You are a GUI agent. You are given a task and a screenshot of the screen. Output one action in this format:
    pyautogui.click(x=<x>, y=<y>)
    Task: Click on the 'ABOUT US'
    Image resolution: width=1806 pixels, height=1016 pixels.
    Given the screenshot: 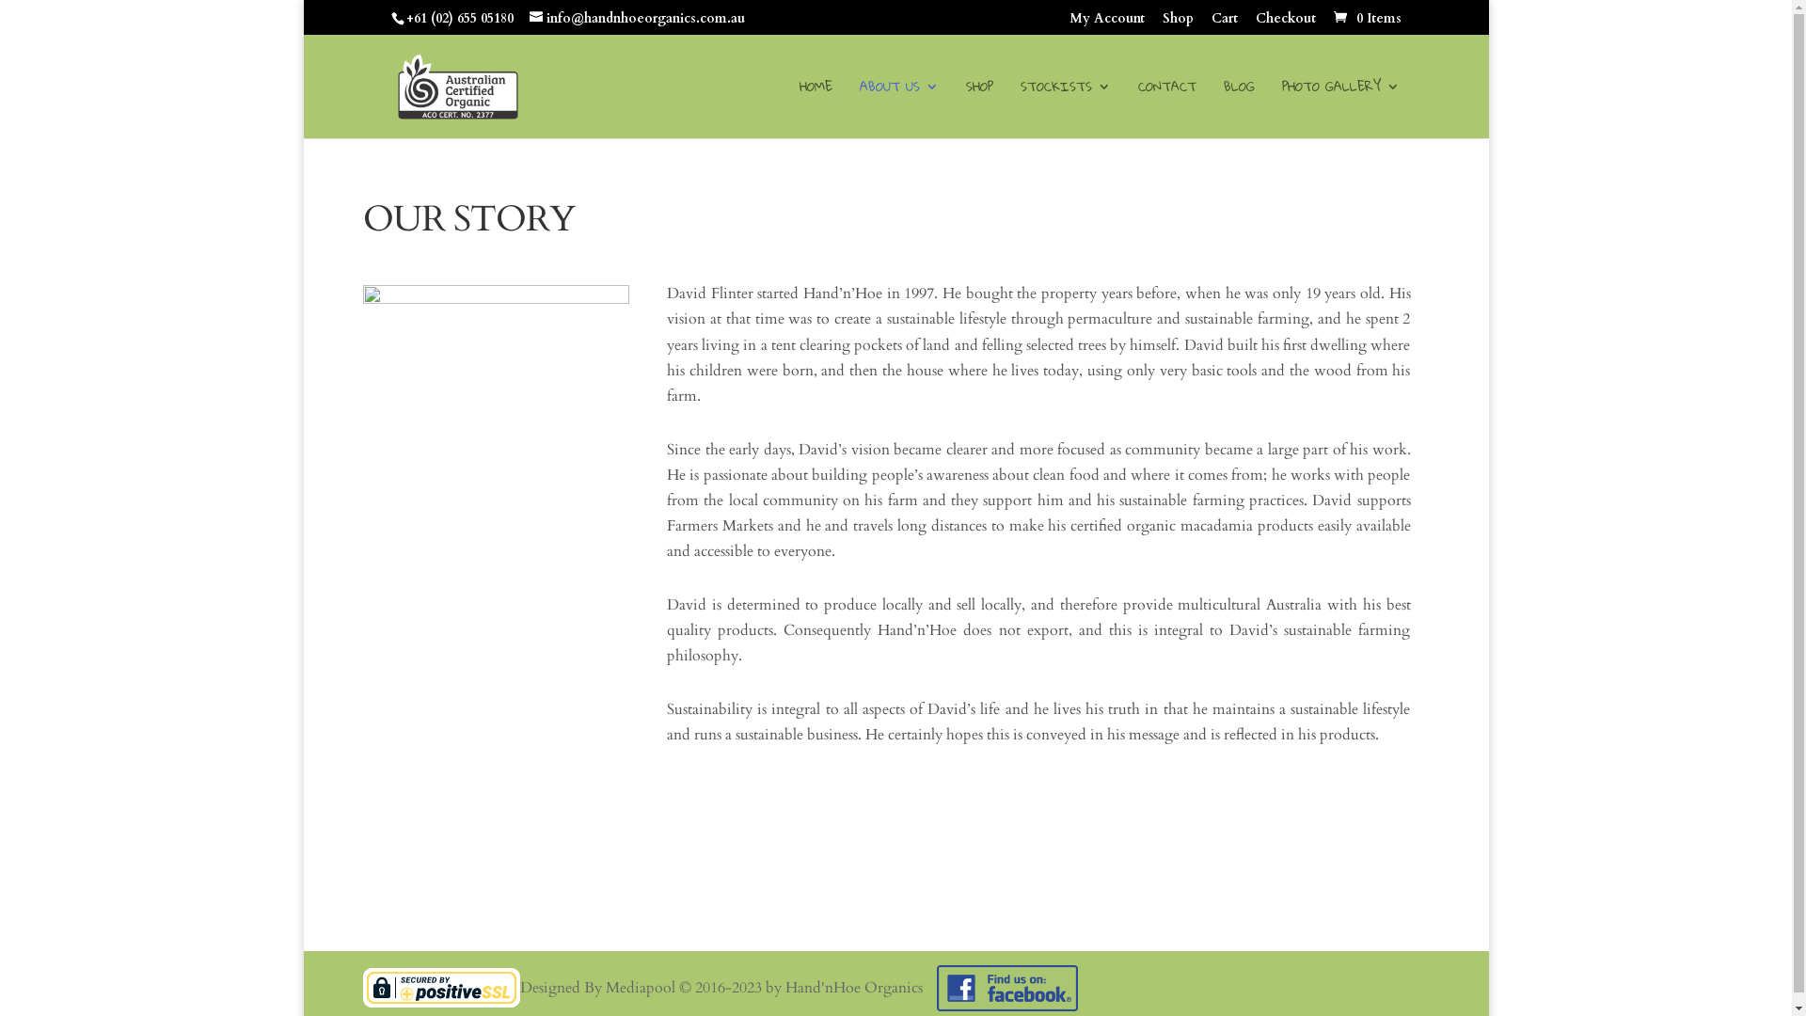 What is the action you would take?
    pyautogui.click(x=897, y=108)
    